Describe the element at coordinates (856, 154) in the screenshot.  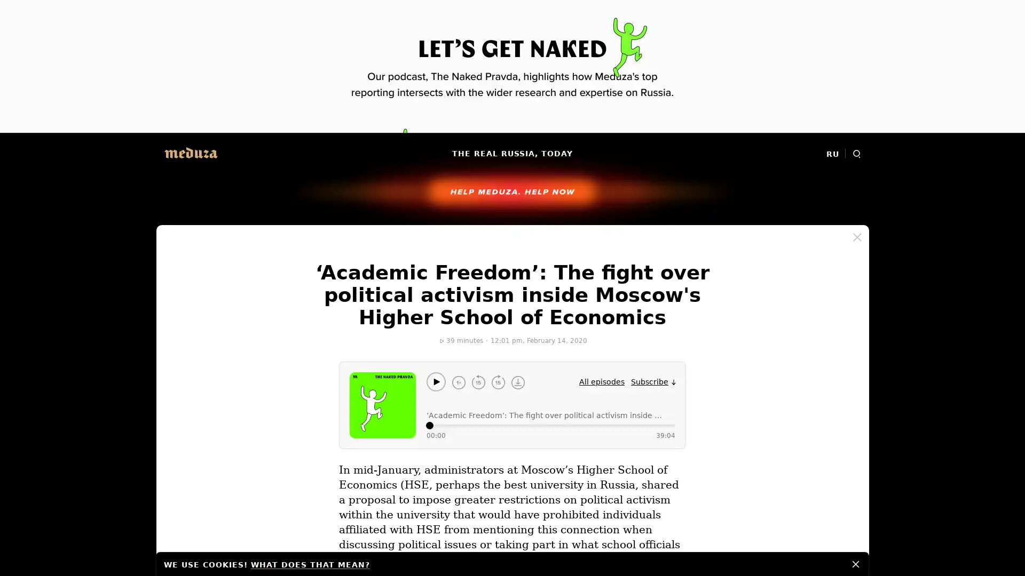
I see `Search` at that location.